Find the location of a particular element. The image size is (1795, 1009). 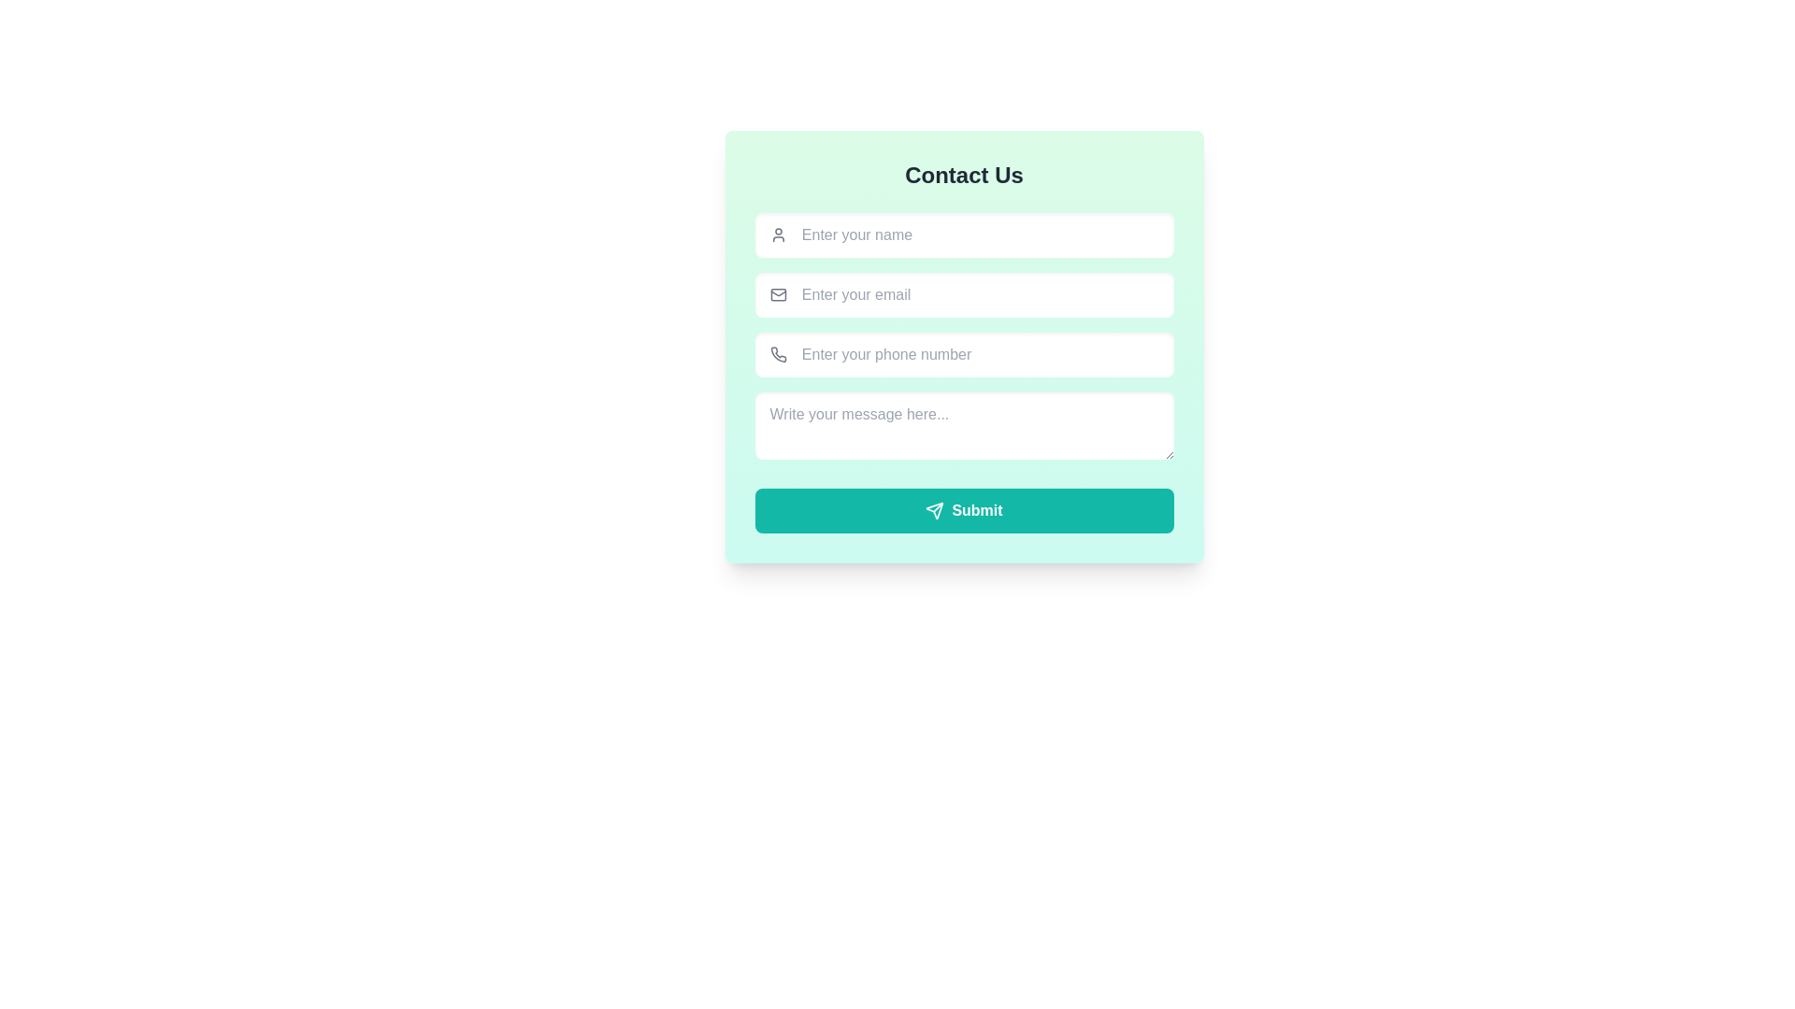

the decorative icon located to the left of the 'Enter your phone number' input field, which visually indicates the purpose of the adjacent field is located at coordinates (778, 354).